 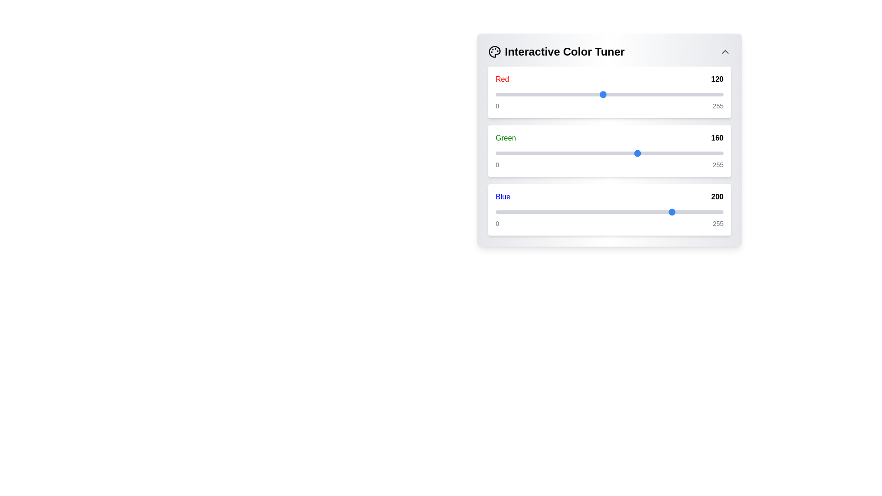 I want to click on and drag the handle of the Input Range Slider for adjusting the 'Blue' color component value from 200 to a new value, so click(x=609, y=212).